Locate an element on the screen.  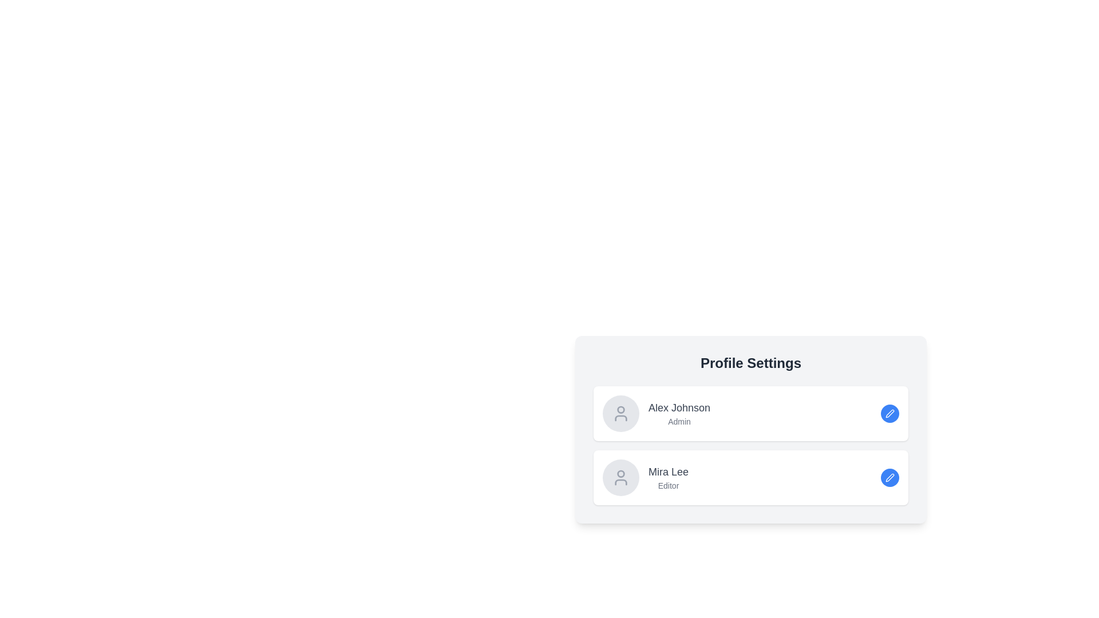
text label indicating the name of the user 'Mira Lee' located in the profile card under the 'Profile Settings' header is located at coordinates (668, 472).